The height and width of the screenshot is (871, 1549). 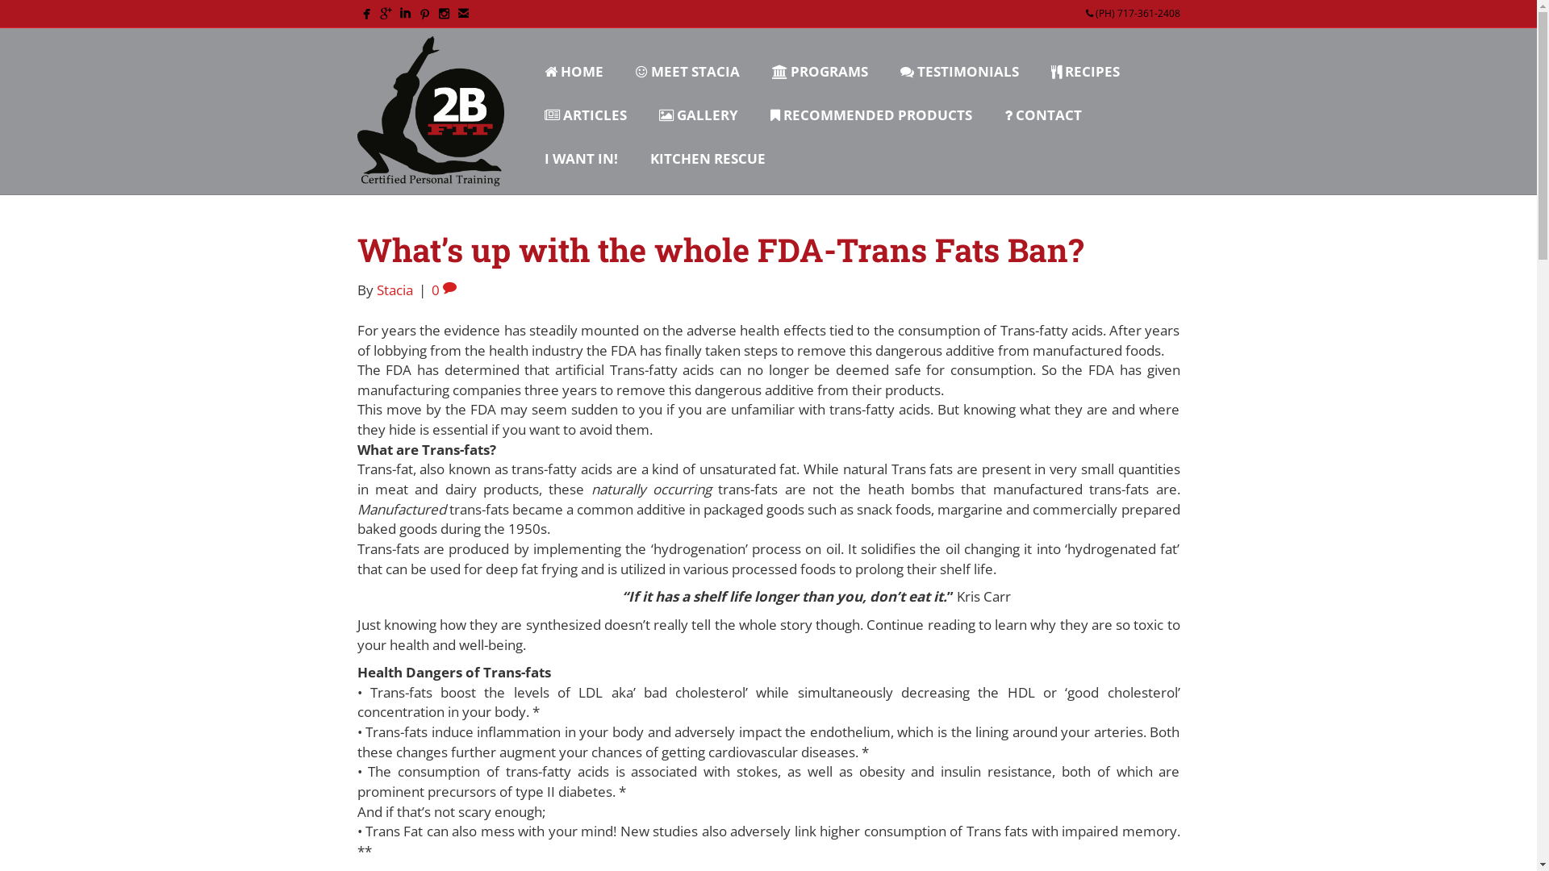 I want to click on 'MEET STACIA', so click(x=687, y=67).